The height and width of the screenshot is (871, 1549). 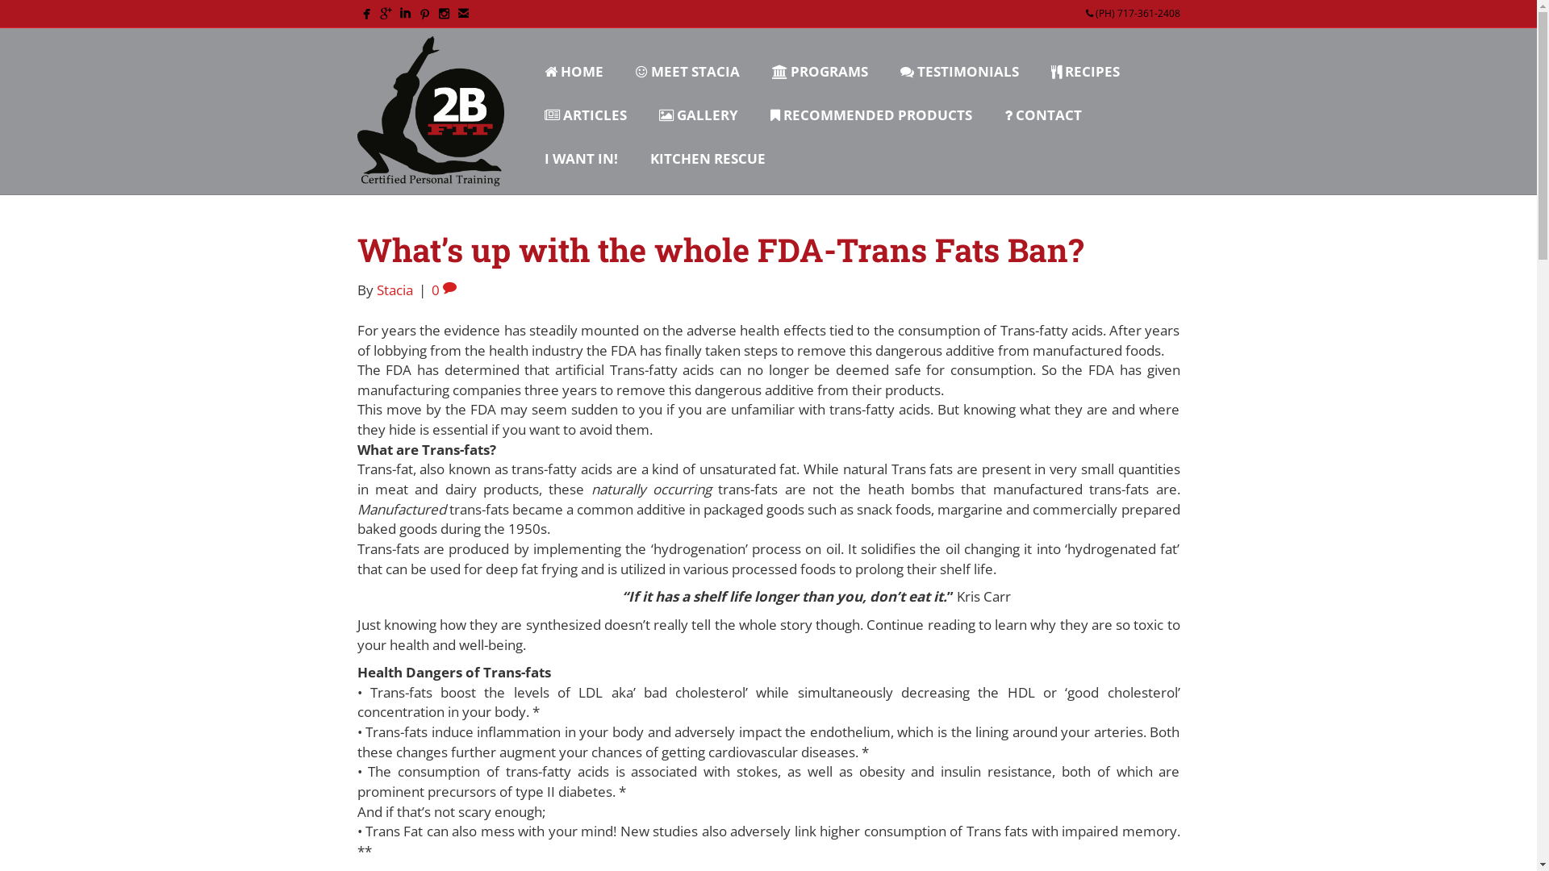 I want to click on 'MEET STACIA', so click(x=687, y=67).